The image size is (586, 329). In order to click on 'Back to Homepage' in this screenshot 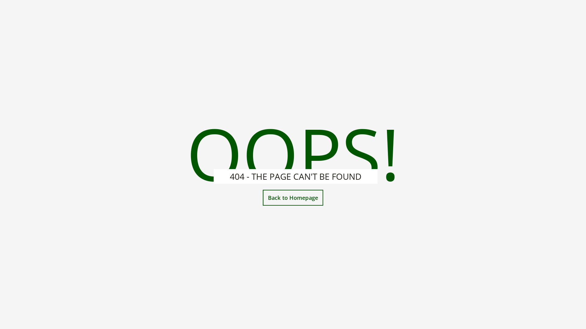, I will do `click(293, 197)`.